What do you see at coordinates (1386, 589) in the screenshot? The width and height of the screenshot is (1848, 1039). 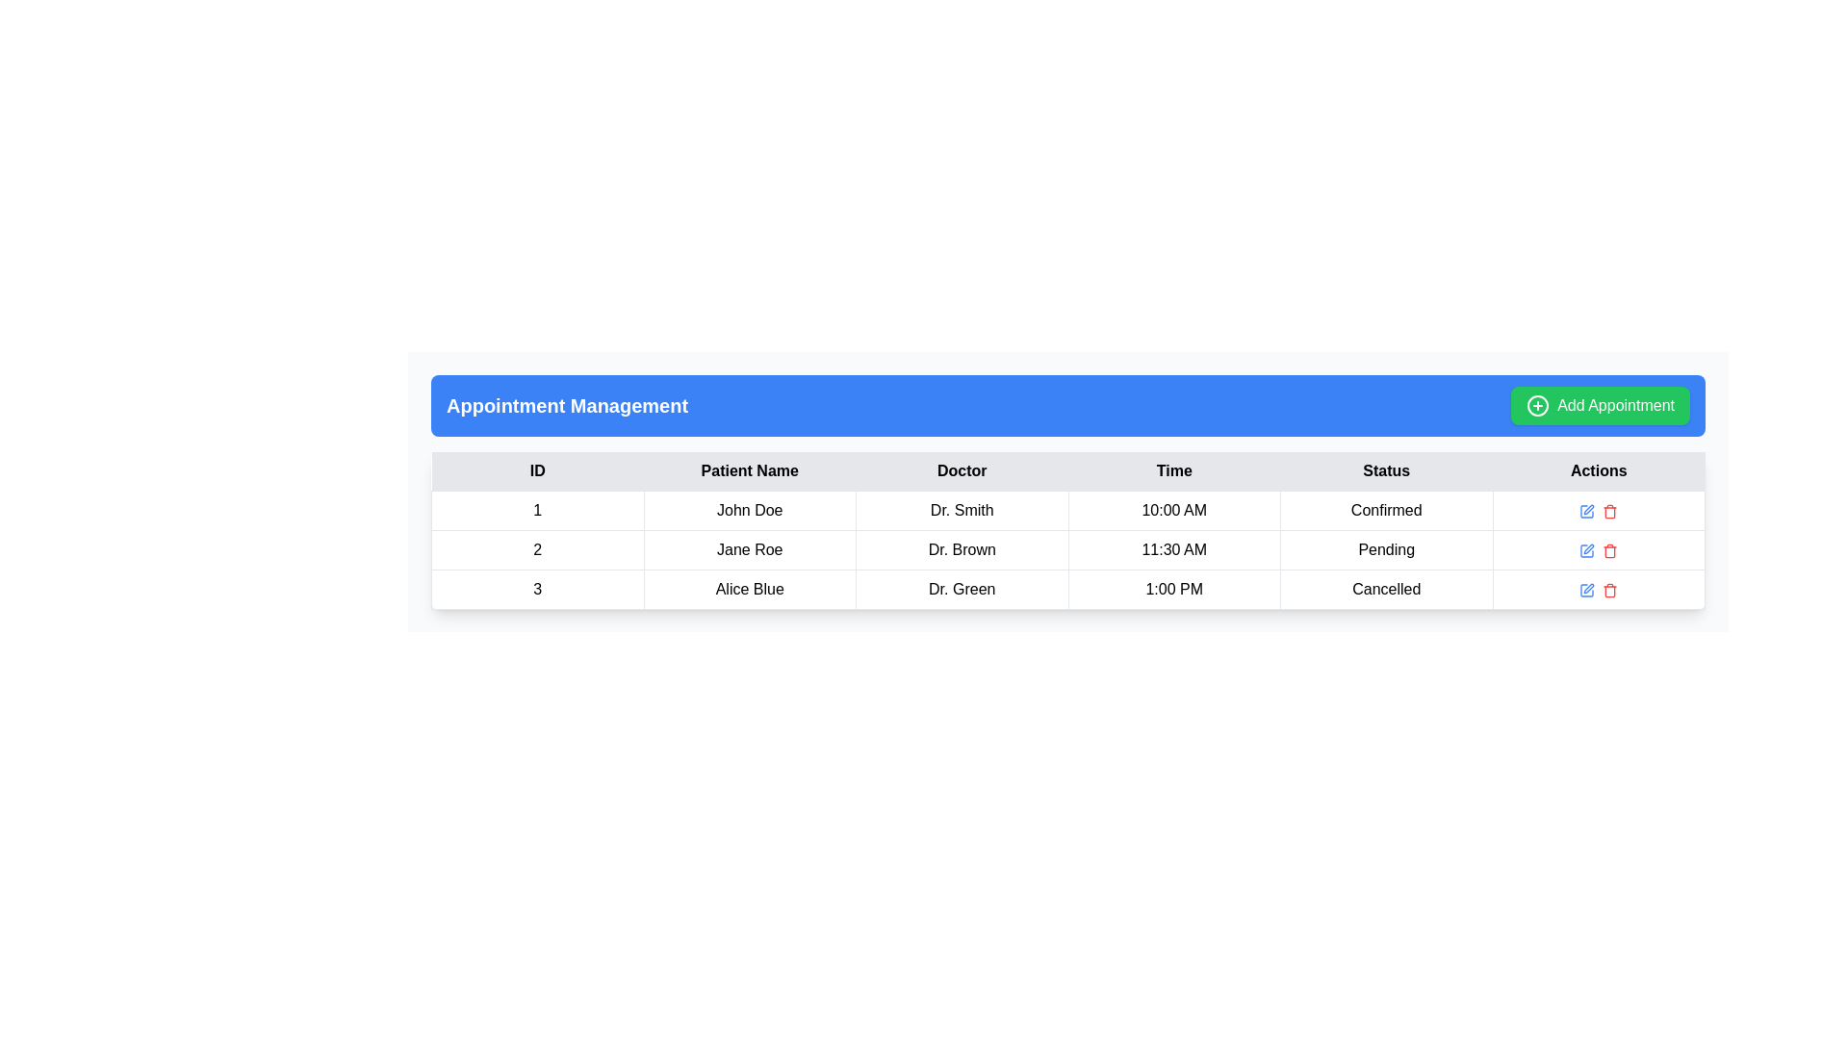 I see `the 'Cancelled' text label in the fifth column of the last row of the table, which indicates the status of an entry` at bounding box center [1386, 589].